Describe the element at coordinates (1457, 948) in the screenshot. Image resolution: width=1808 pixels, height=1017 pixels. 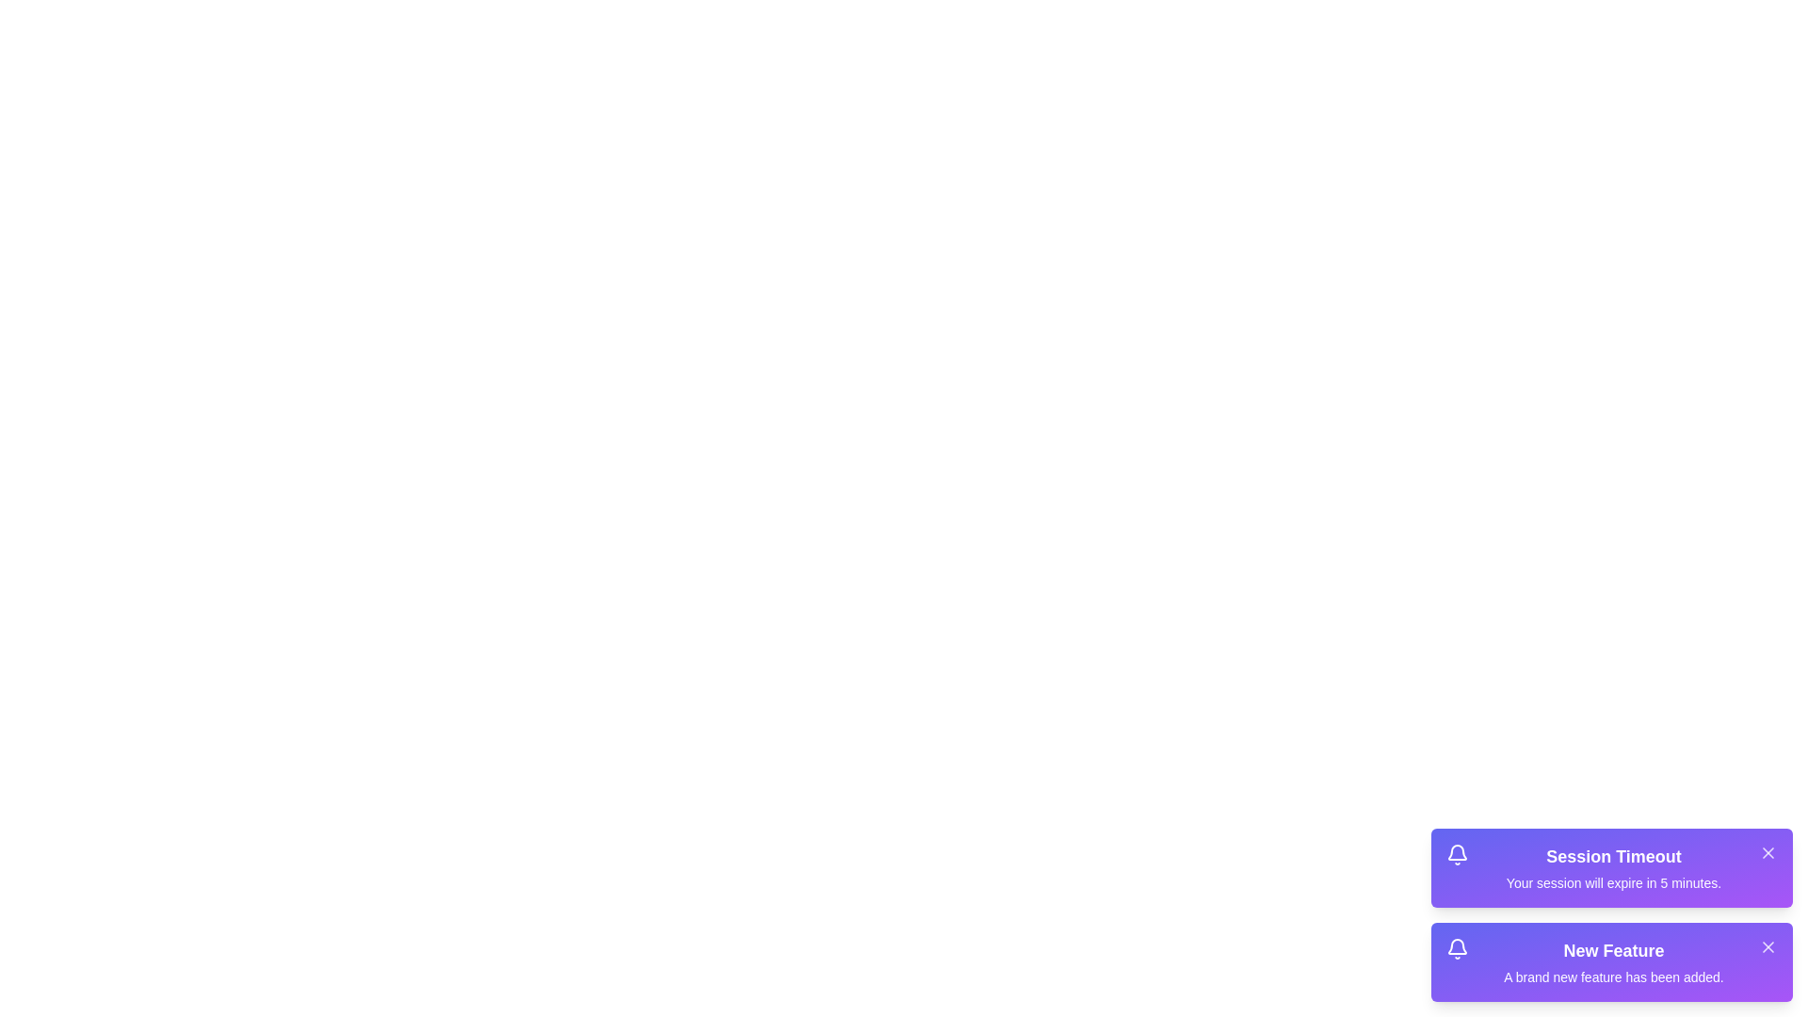
I see `the notification icon for New Feature` at that location.